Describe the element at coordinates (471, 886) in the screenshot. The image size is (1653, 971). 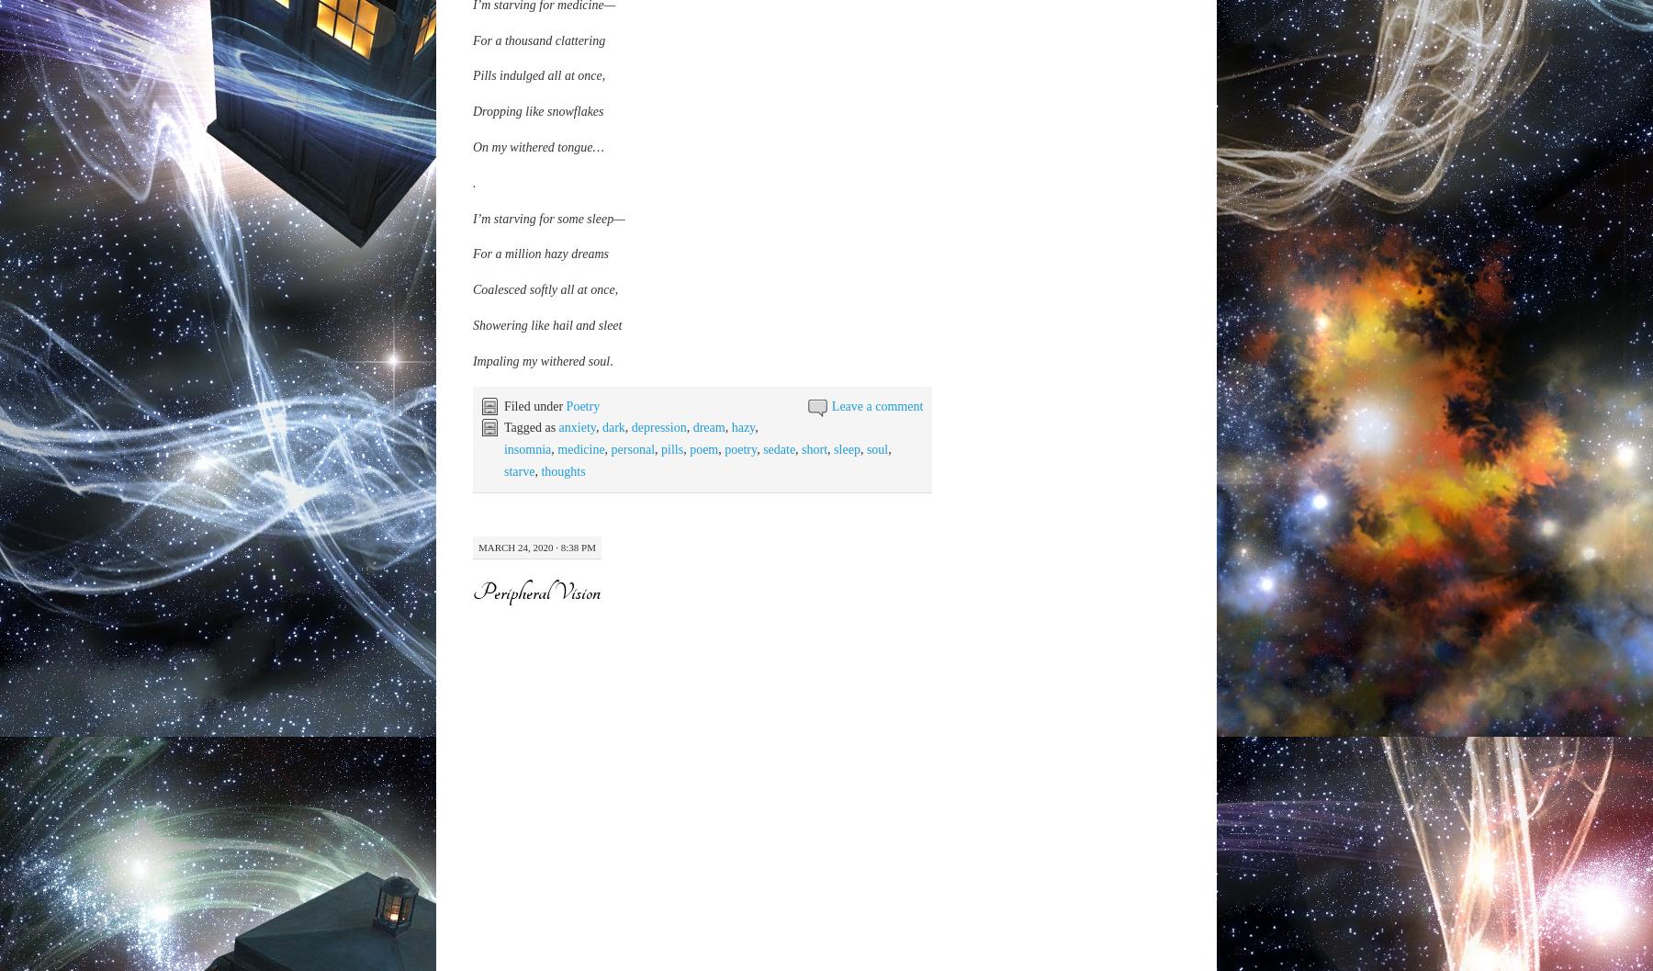
I see `'A little while longer'` at that location.